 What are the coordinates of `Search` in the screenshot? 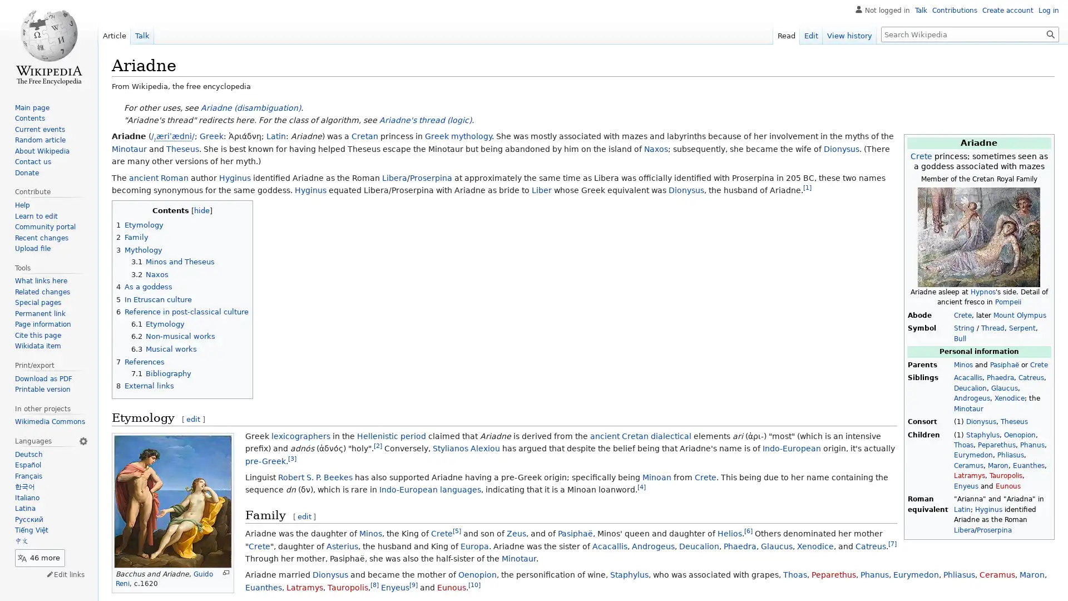 It's located at (1050, 33).